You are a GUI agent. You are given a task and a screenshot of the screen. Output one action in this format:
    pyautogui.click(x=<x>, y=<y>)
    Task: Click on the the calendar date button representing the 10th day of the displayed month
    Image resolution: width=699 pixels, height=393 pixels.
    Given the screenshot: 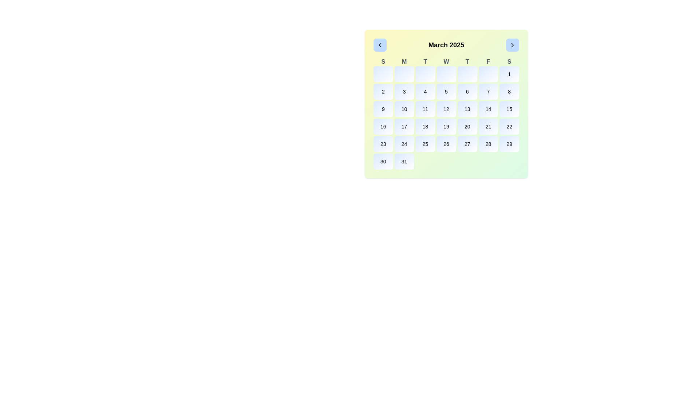 What is the action you would take?
    pyautogui.click(x=404, y=109)
    